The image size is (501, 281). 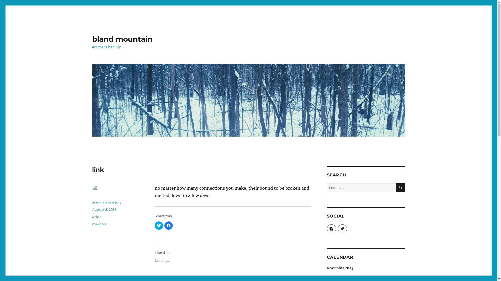 What do you see at coordinates (122, 39) in the screenshot?
I see `'bland mountain'` at bounding box center [122, 39].